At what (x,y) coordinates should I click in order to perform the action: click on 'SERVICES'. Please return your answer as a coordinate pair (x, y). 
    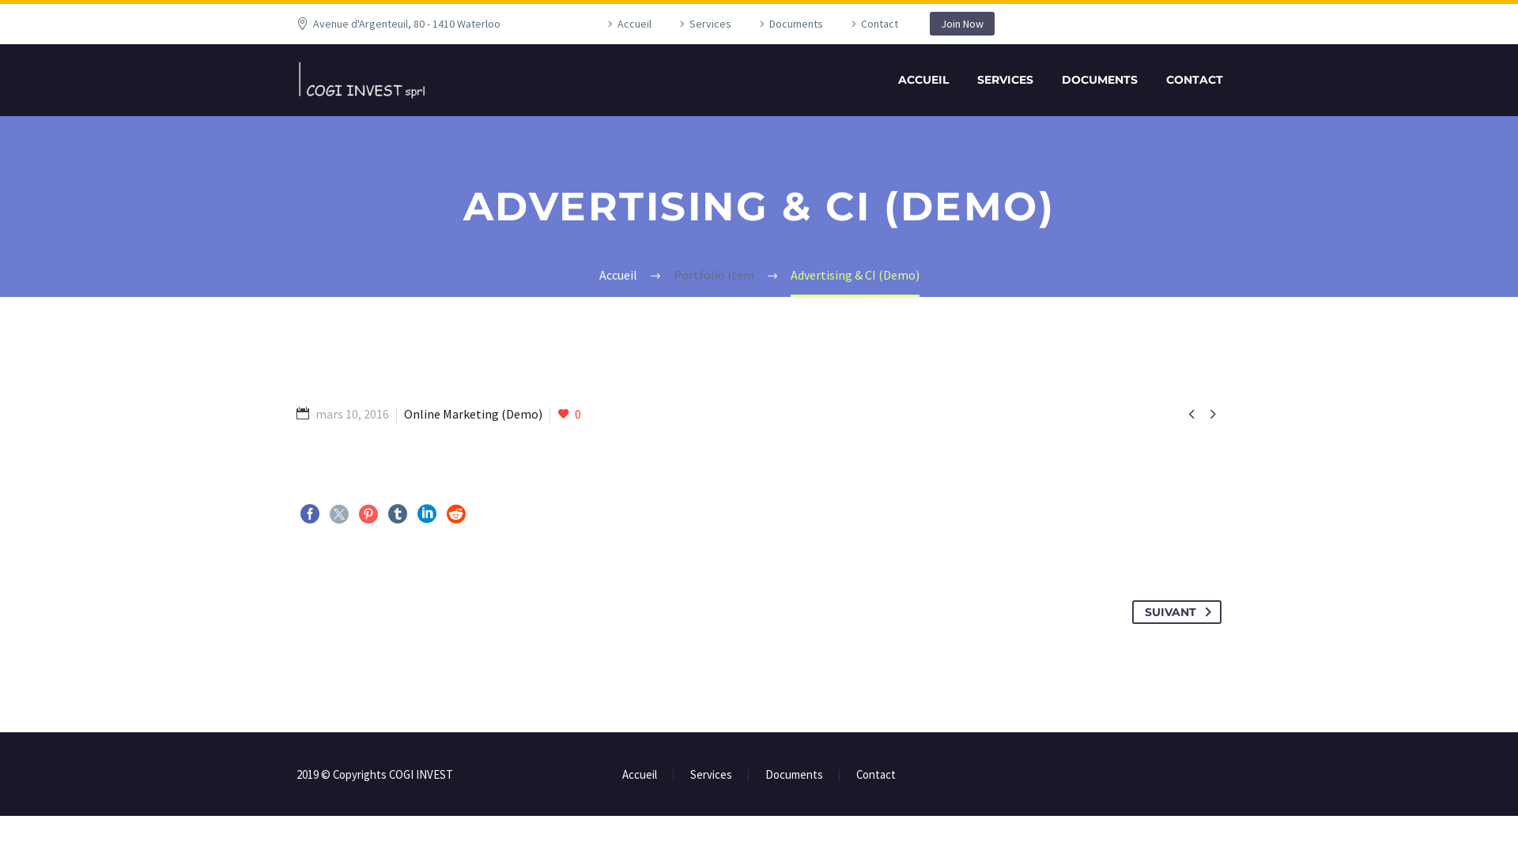
    Looking at the image, I should click on (1004, 80).